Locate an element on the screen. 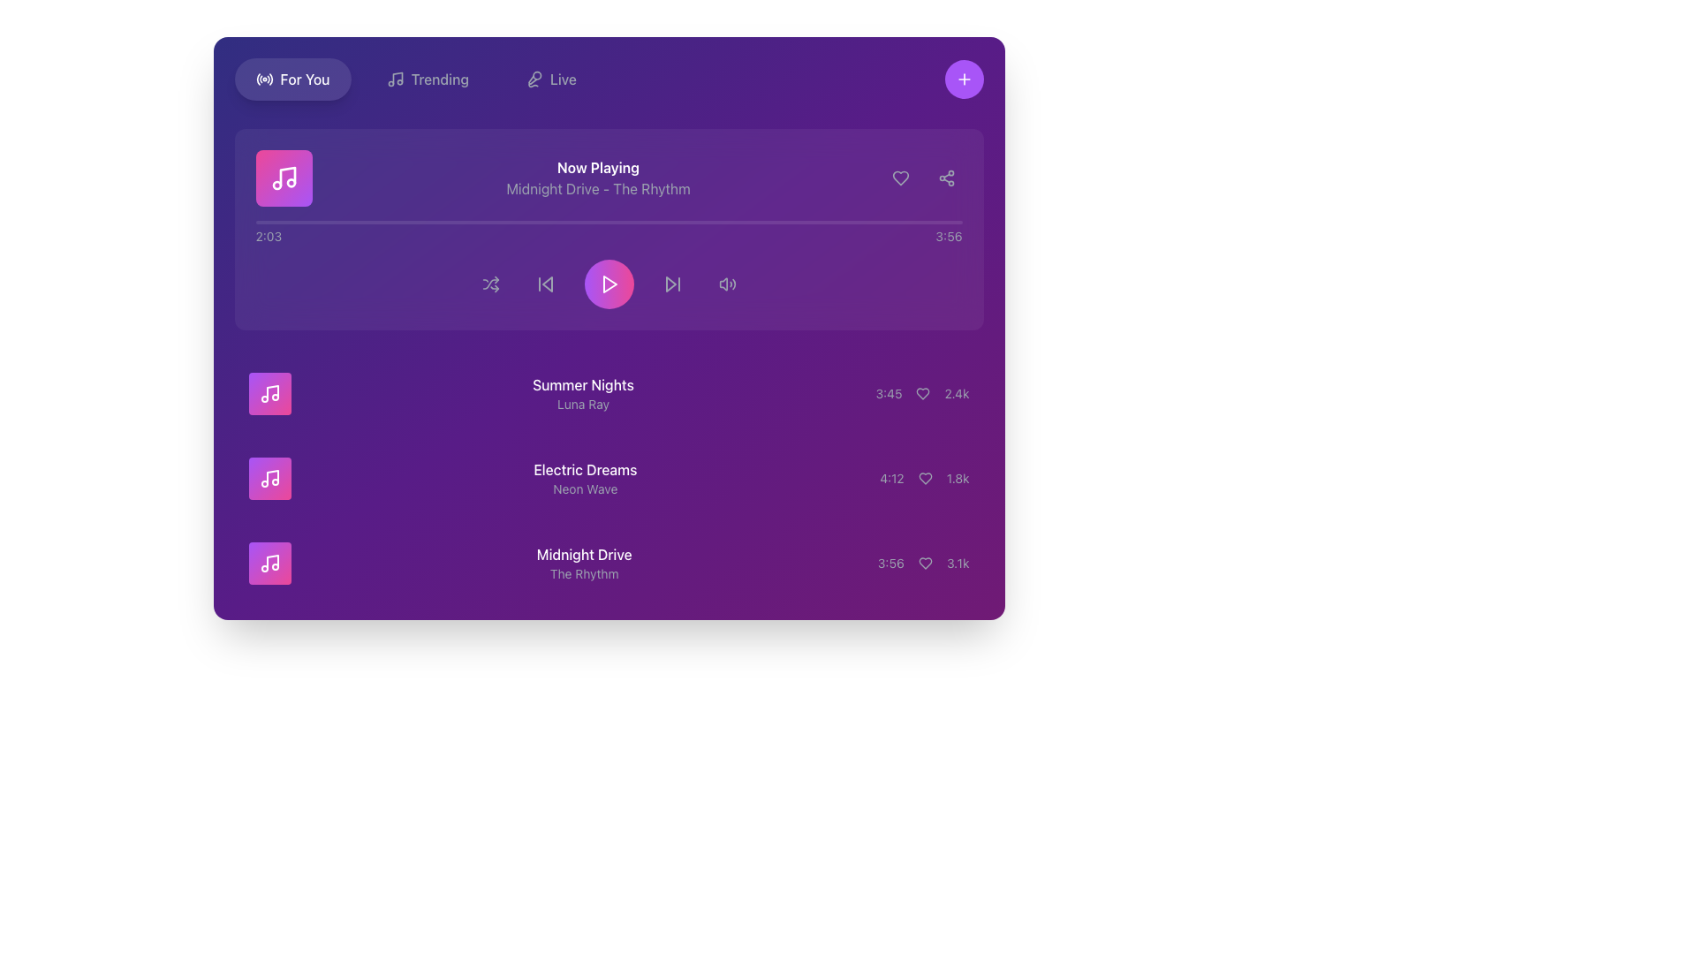  the text label in the upper navigation area, positioned between a music icon on the left and a 'Live' text label on the right, which serves as a label for a navigation item related to trending topics is located at coordinates (440, 78).